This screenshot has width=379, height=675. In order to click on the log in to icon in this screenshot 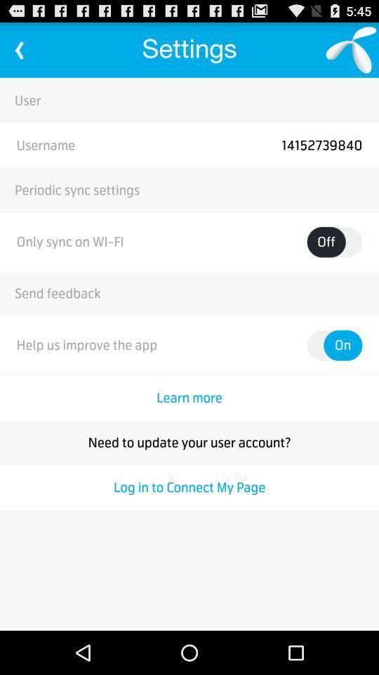, I will do `click(189, 487)`.